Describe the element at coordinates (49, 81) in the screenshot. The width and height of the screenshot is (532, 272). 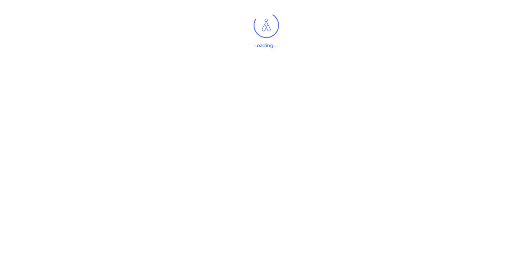
I see `'Recruitment'` at that location.